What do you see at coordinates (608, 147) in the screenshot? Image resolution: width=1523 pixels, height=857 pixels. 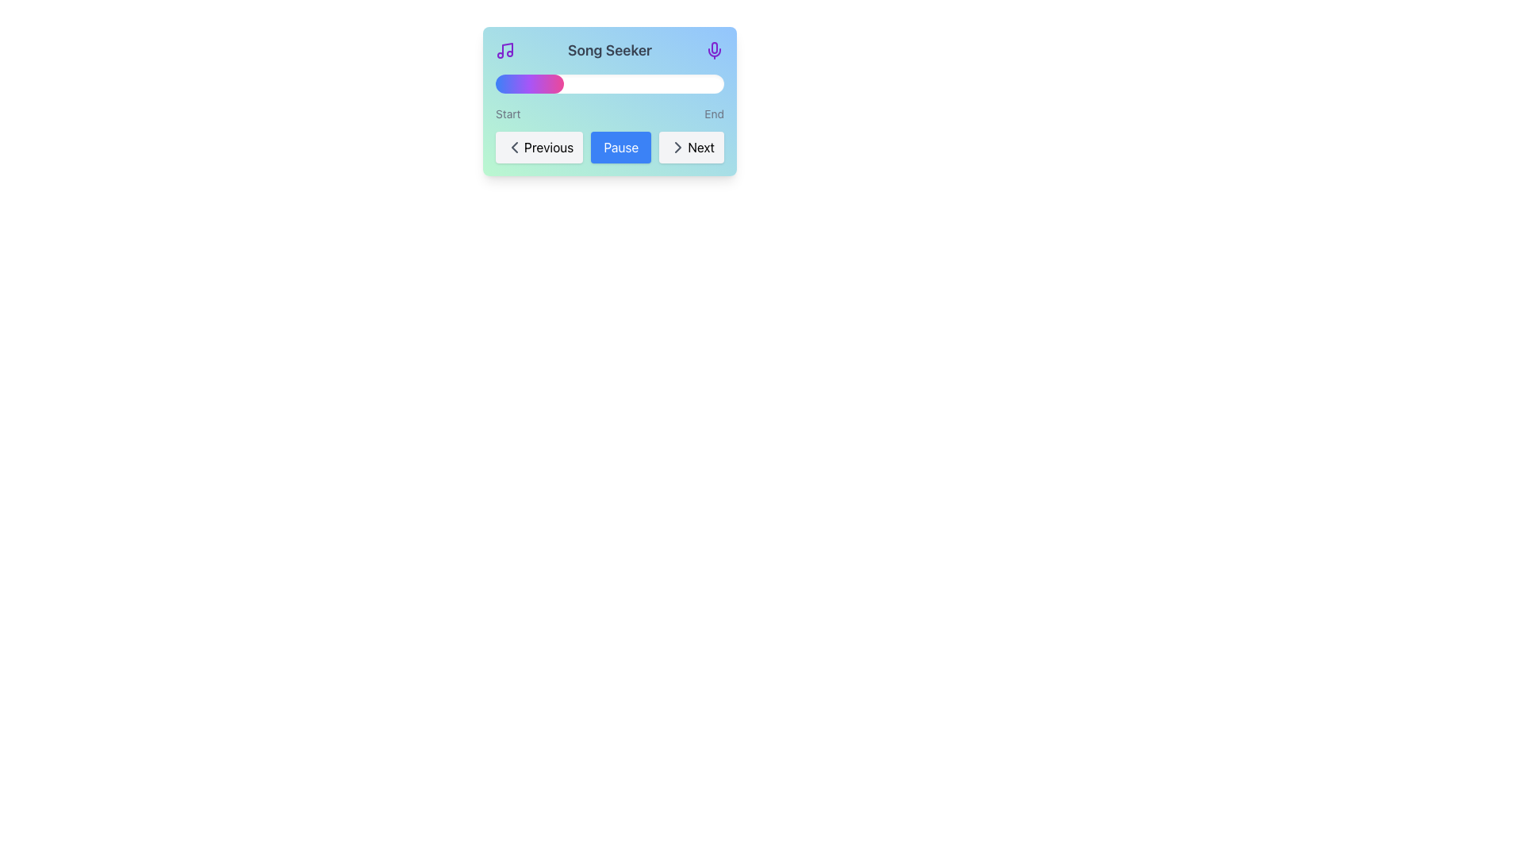 I see `the pause button located centrally between the 'Previous' and 'Next' buttons in the media control section` at bounding box center [608, 147].